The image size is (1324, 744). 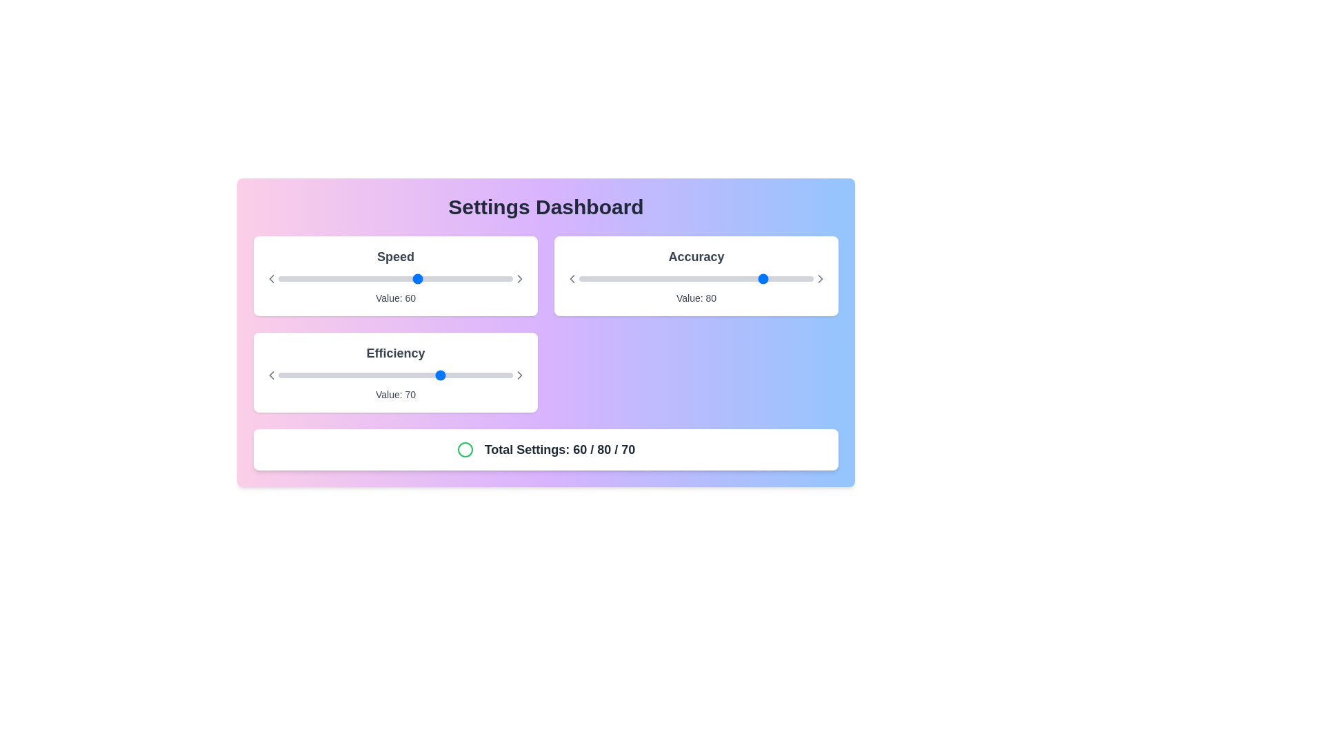 What do you see at coordinates (463, 279) in the screenshot?
I see `the speed slider` at bounding box center [463, 279].